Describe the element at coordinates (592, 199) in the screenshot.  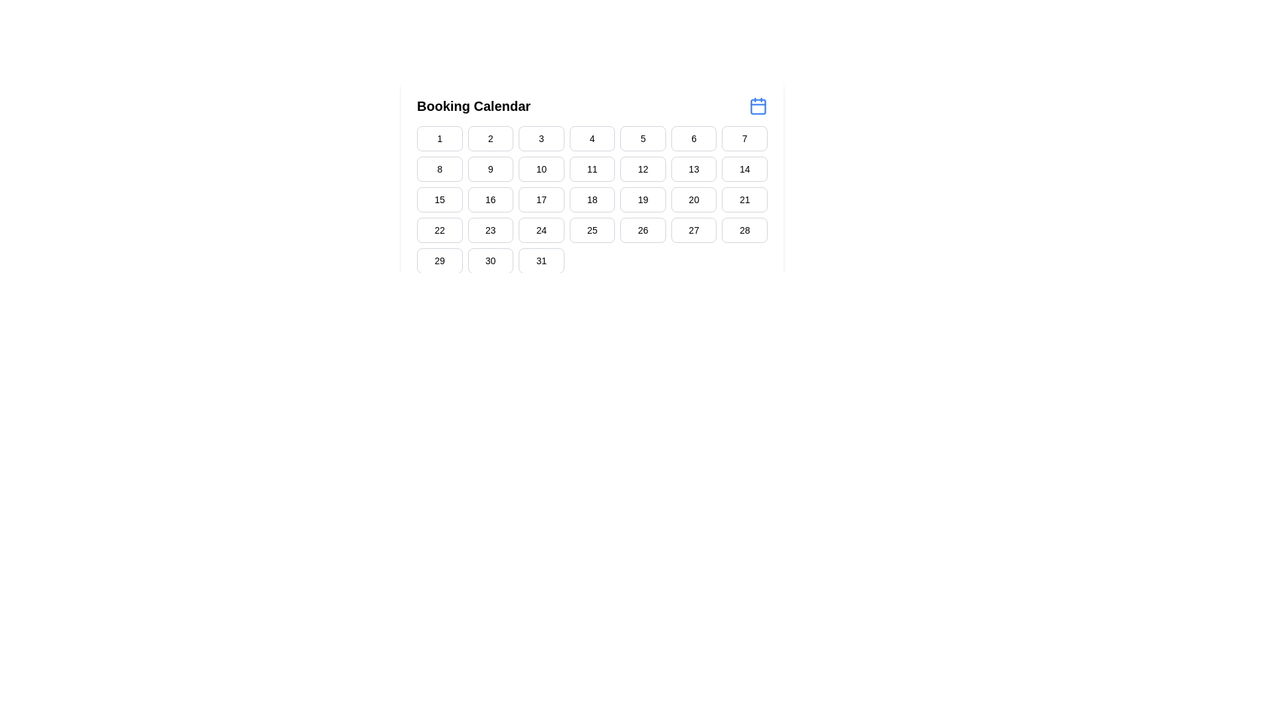
I see `the cell containing the number '18' in the Booking Calendar grid` at that location.